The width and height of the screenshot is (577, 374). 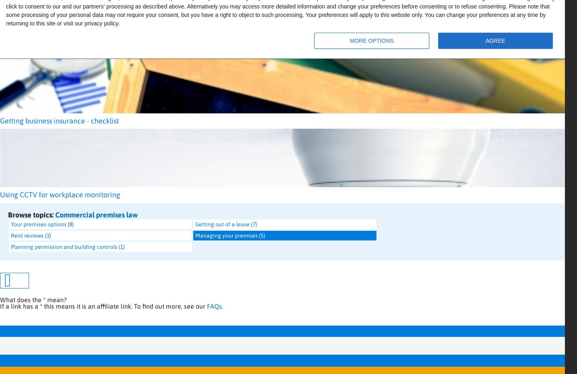 What do you see at coordinates (42, 224) in the screenshot?
I see `'Your premises options (8)'` at bounding box center [42, 224].